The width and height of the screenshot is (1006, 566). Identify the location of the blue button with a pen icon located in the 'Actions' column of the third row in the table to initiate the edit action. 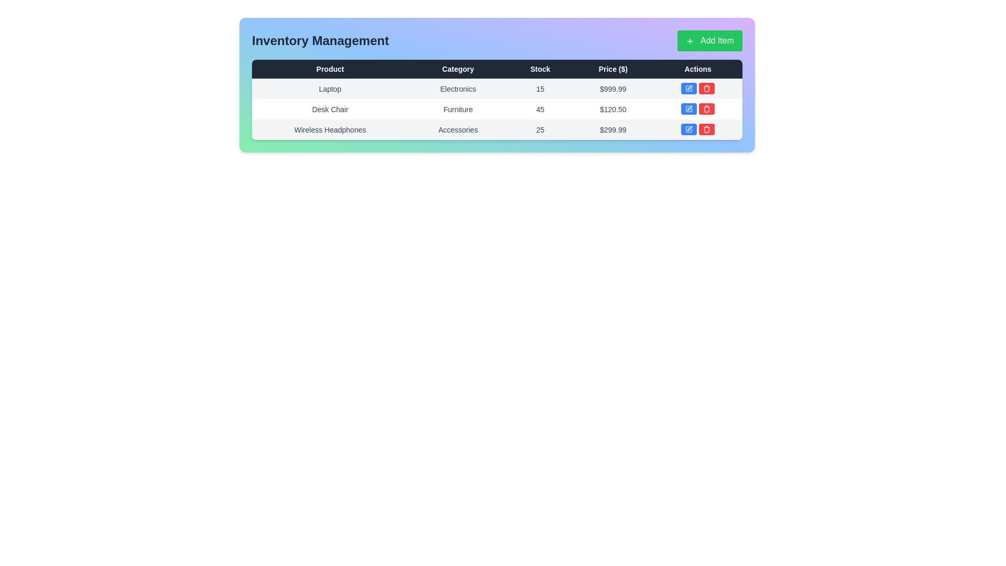
(689, 128).